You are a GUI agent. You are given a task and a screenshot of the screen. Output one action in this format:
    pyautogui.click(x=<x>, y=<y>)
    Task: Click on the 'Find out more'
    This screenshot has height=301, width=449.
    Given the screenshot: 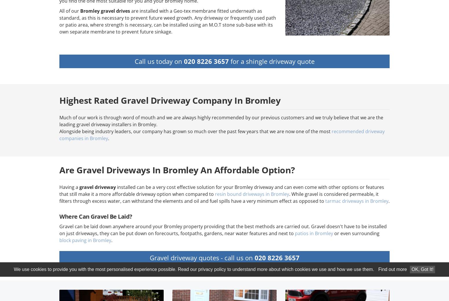 What is the action you would take?
    pyautogui.click(x=393, y=269)
    